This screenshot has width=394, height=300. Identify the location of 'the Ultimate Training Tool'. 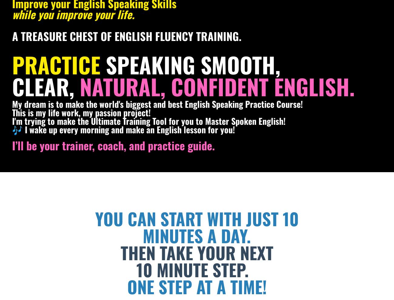
(123, 121).